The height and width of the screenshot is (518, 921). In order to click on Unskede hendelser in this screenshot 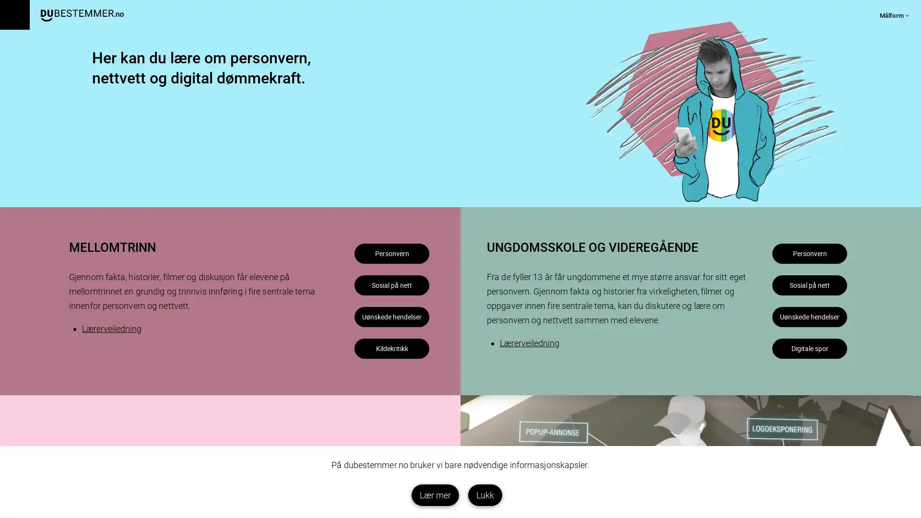, I will do `click(358, 361)`.